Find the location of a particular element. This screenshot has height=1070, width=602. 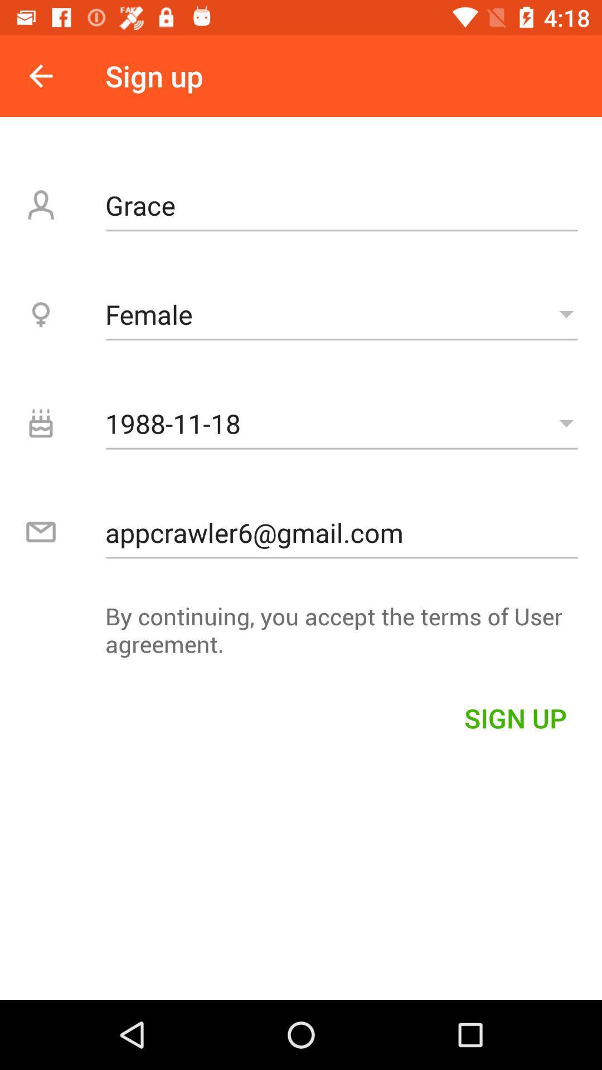

grace item is located at coordinates (341, 205).